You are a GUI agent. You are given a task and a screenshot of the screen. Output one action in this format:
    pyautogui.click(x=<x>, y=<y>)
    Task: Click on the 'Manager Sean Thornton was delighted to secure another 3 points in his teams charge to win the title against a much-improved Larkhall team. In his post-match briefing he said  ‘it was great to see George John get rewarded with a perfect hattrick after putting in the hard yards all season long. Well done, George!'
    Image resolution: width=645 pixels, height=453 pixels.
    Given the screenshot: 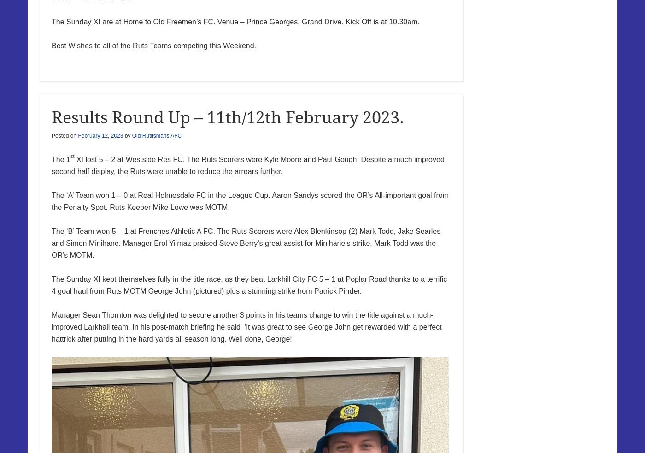 What is the action you would take?
    pyautogui.click(x=52, y=326)
    